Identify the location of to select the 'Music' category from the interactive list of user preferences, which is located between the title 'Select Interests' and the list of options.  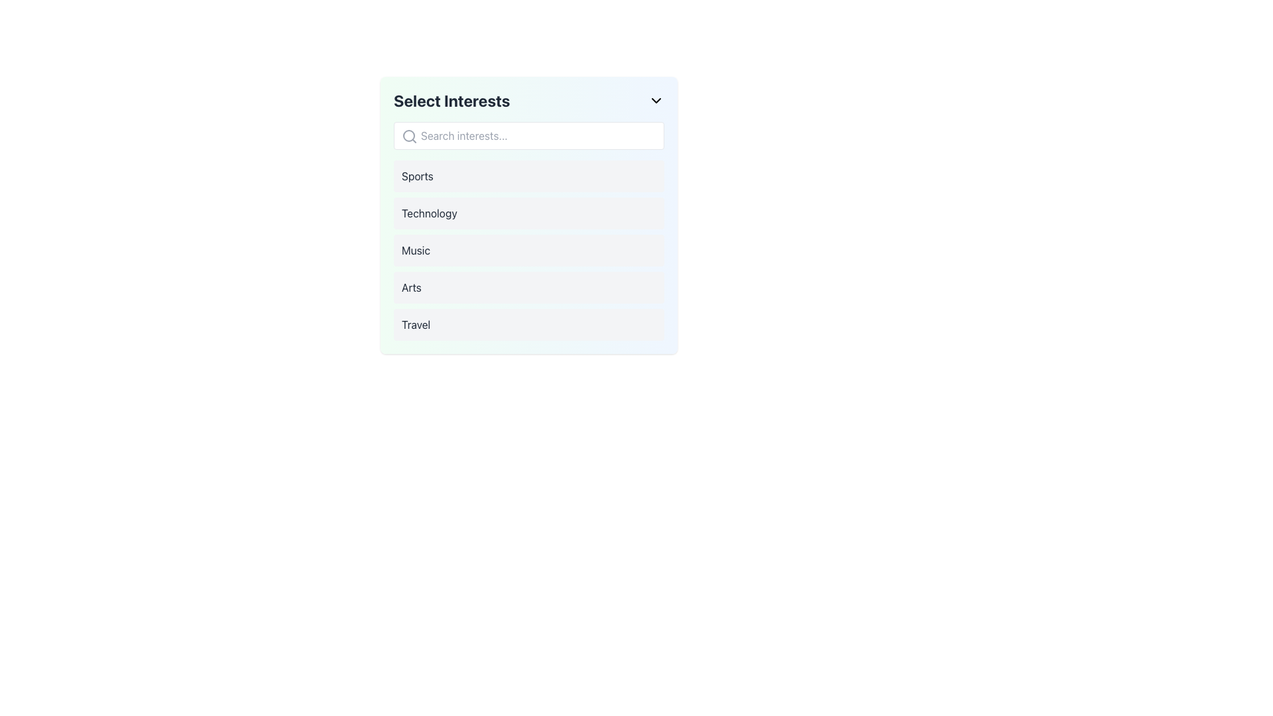
(528, 251).